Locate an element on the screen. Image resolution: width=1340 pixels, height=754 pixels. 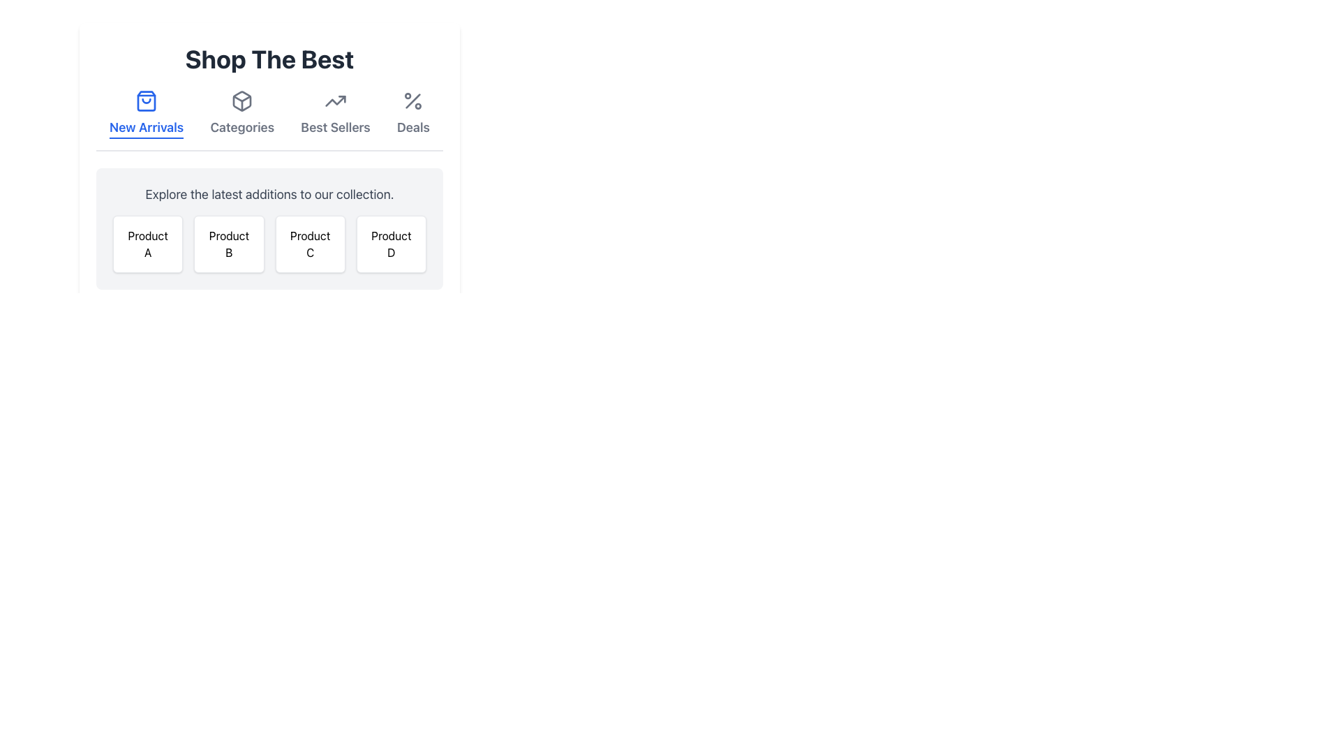
the third button in the horizontal navigation bar that redirects to the best-selling products section is located at coordinates (336, 114).